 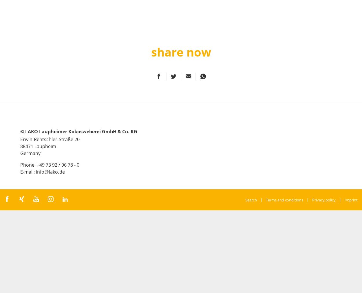 I want to click on '+49 73 92 / 96 78 - 0', so click(x=58, y=164).